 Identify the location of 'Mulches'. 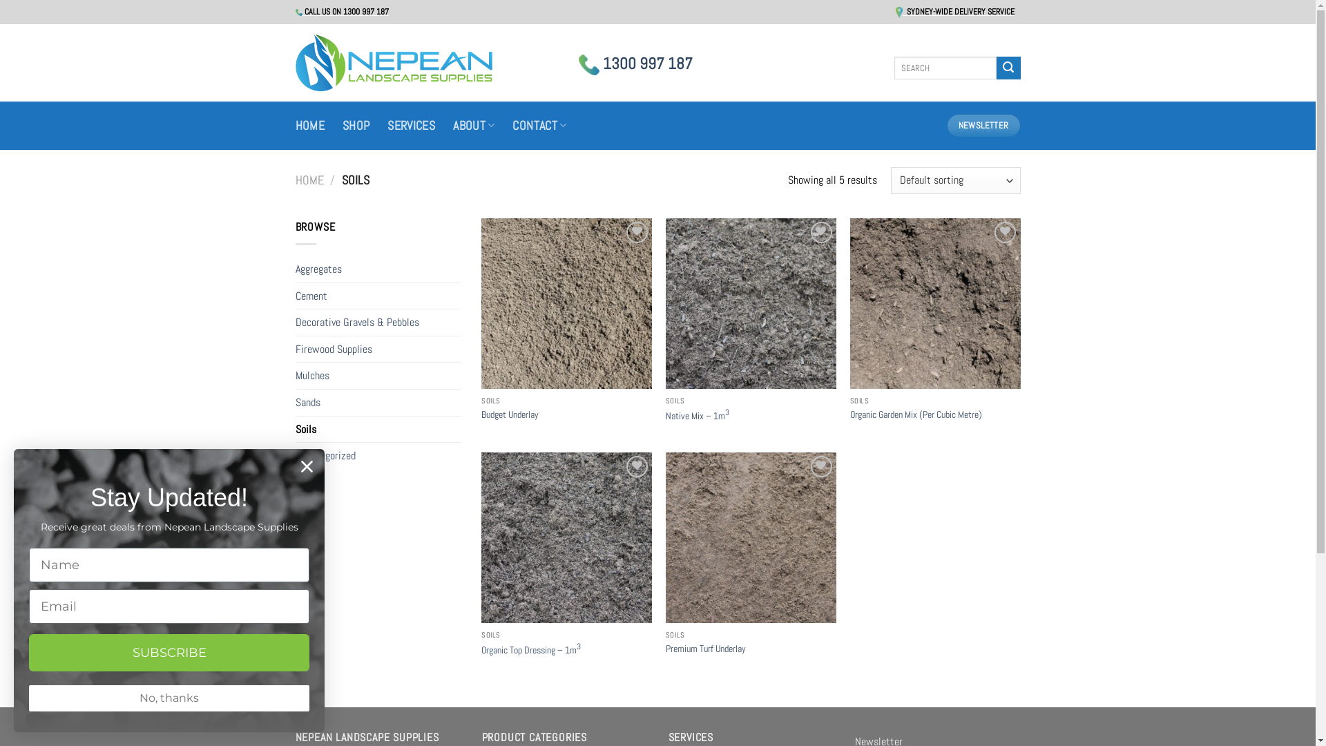
(378, 375).